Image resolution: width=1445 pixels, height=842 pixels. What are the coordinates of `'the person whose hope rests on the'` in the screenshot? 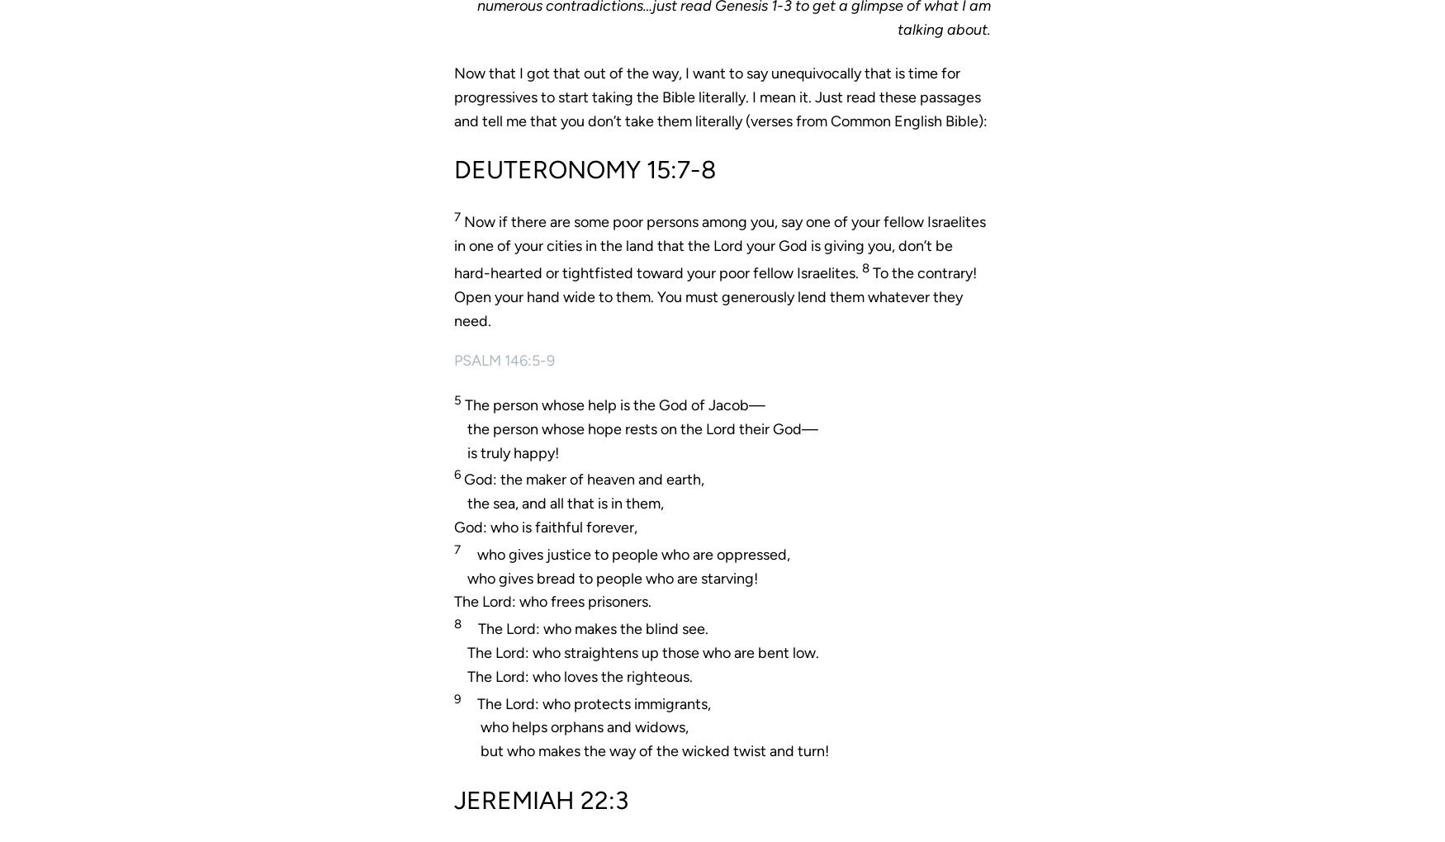 It's located at (586, 427).